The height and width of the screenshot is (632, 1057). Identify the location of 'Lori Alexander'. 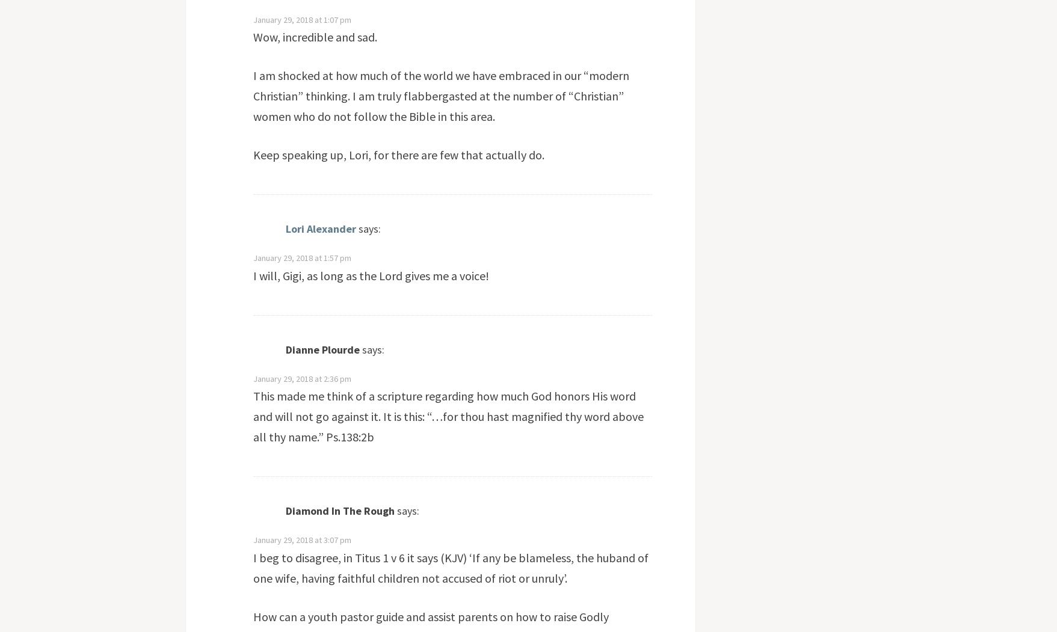
(320, 228).